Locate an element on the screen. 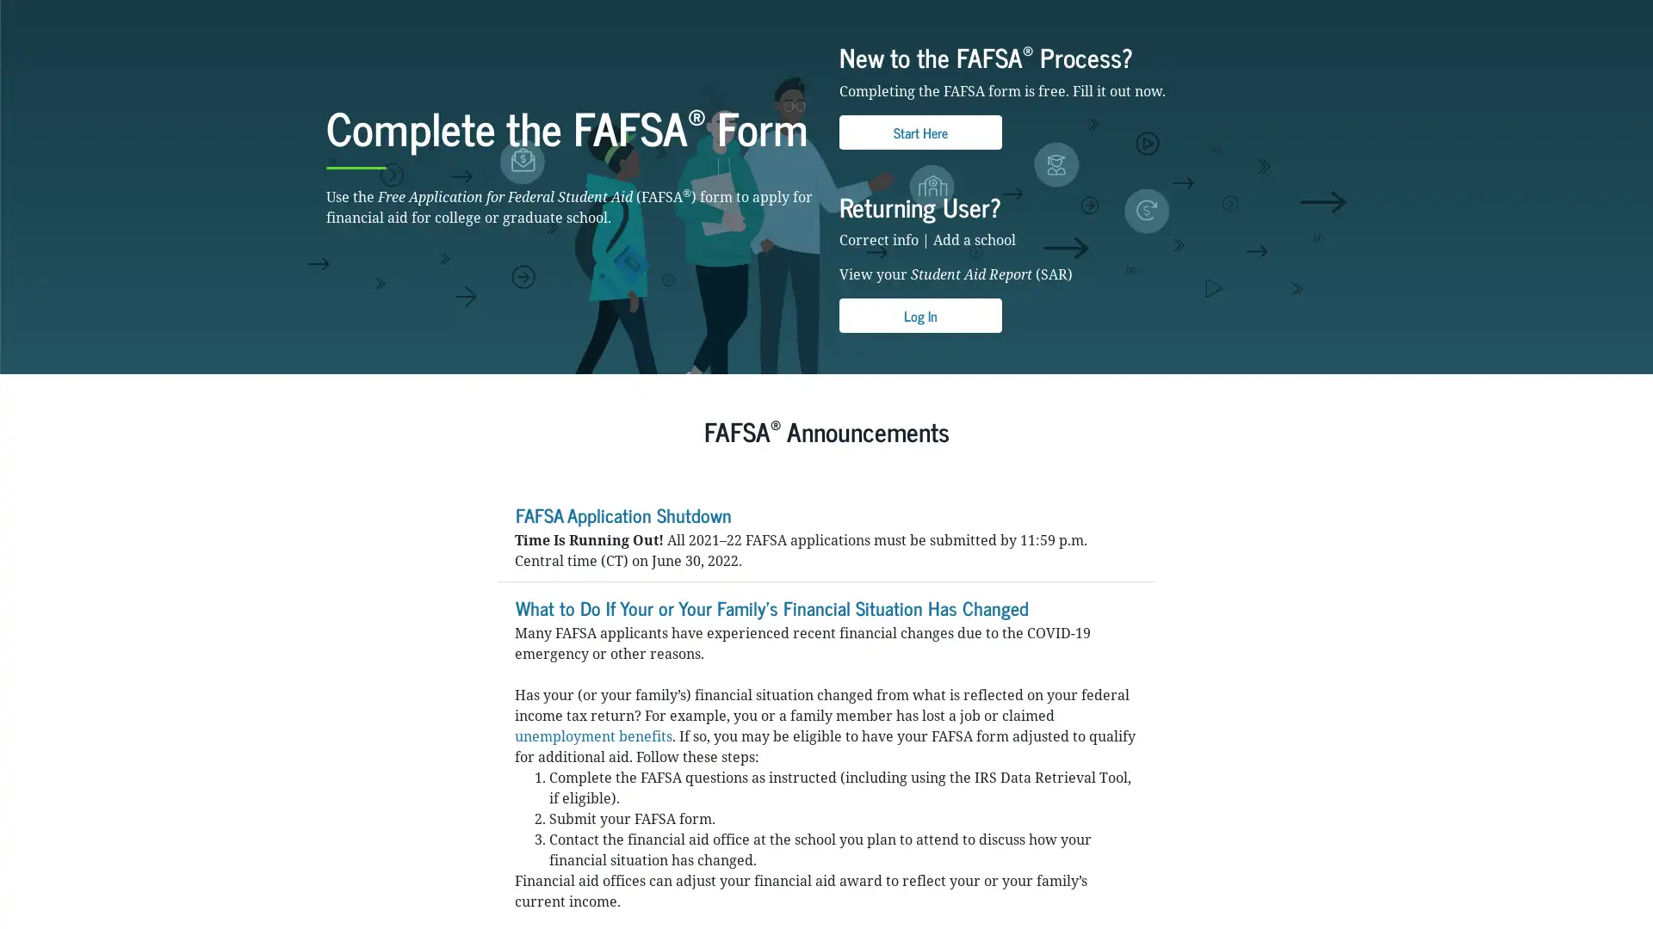  What to Do If Your or Your Familys Financial Situation Has Changed is located at coordinates (771, 718).